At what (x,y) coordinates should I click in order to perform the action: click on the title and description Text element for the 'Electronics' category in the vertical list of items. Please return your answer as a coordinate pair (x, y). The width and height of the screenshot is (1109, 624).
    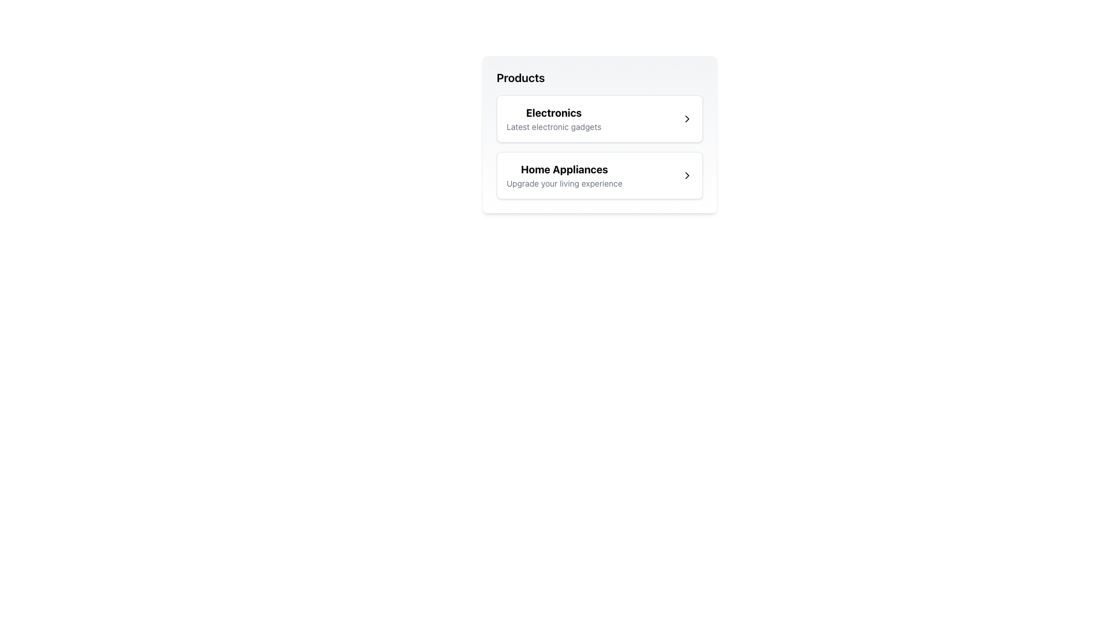
    Looking at the image, I should click on (553, 118).